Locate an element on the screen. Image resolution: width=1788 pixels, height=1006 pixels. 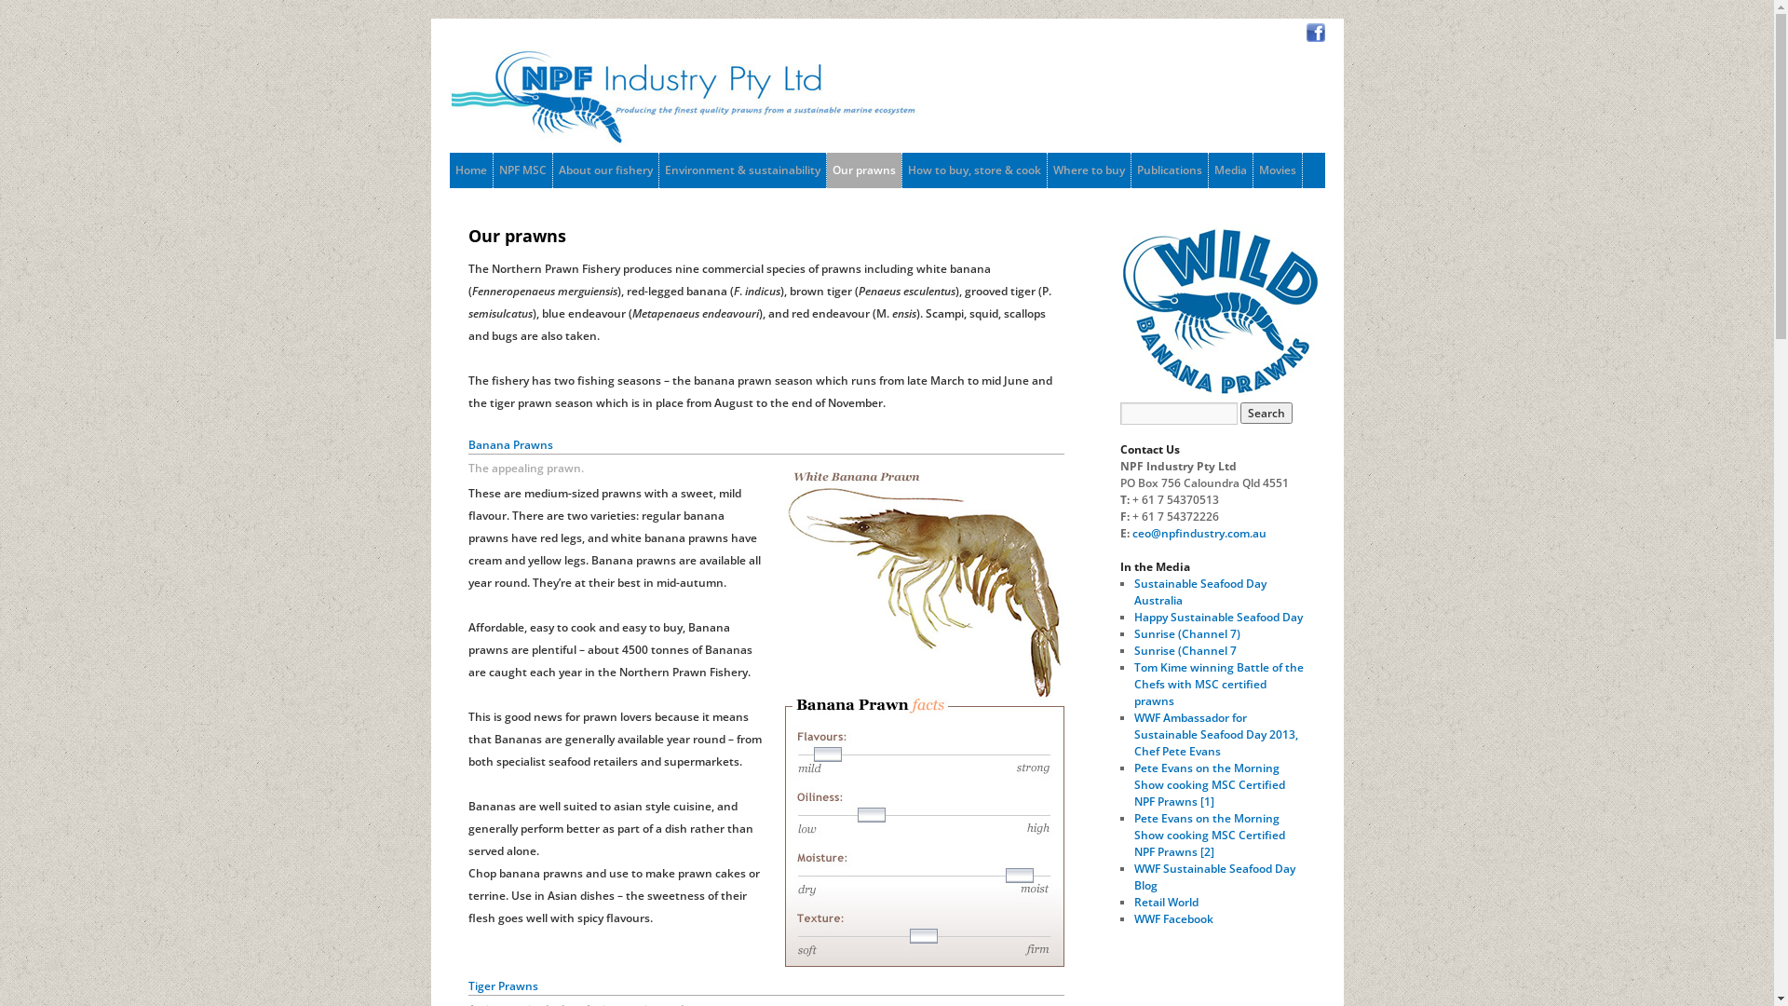
'Where to buy' is located at coordinates (1088, 170).